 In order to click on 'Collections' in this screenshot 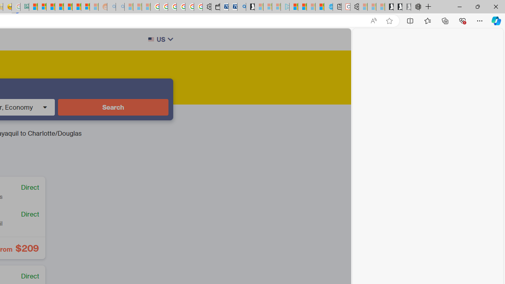, I will do `click(445, 20)`.